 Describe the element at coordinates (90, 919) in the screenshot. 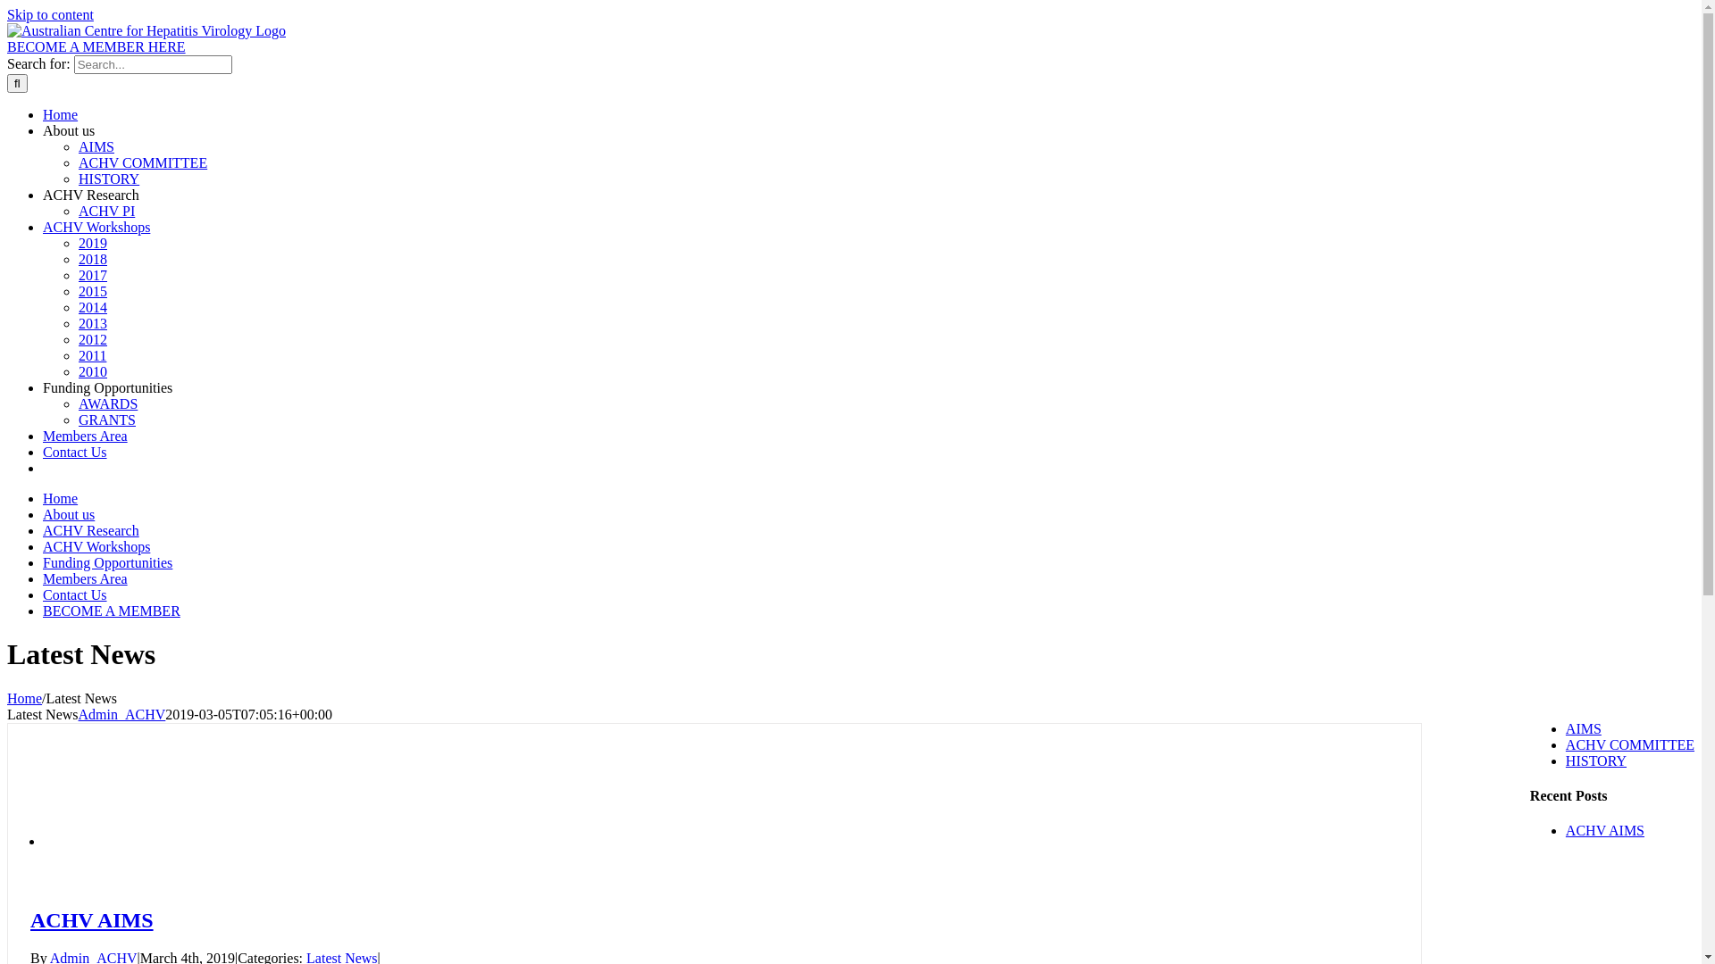

I see `'ACHV AIMS'` at that location.